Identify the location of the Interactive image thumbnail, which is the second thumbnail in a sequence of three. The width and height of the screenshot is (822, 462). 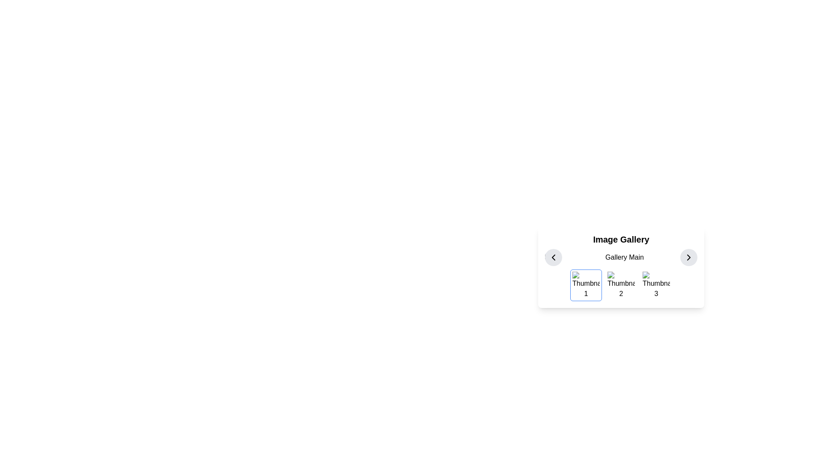
(621, 285).